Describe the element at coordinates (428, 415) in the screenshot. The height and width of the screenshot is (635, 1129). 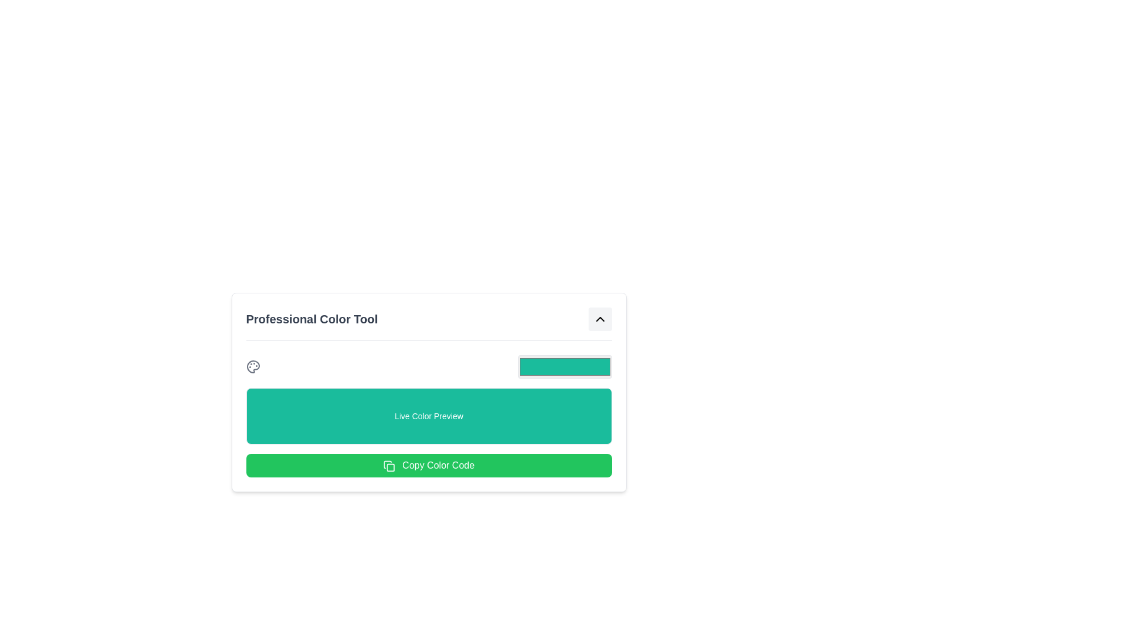
I see `the color tool panel located at the center of the interface` at that location.